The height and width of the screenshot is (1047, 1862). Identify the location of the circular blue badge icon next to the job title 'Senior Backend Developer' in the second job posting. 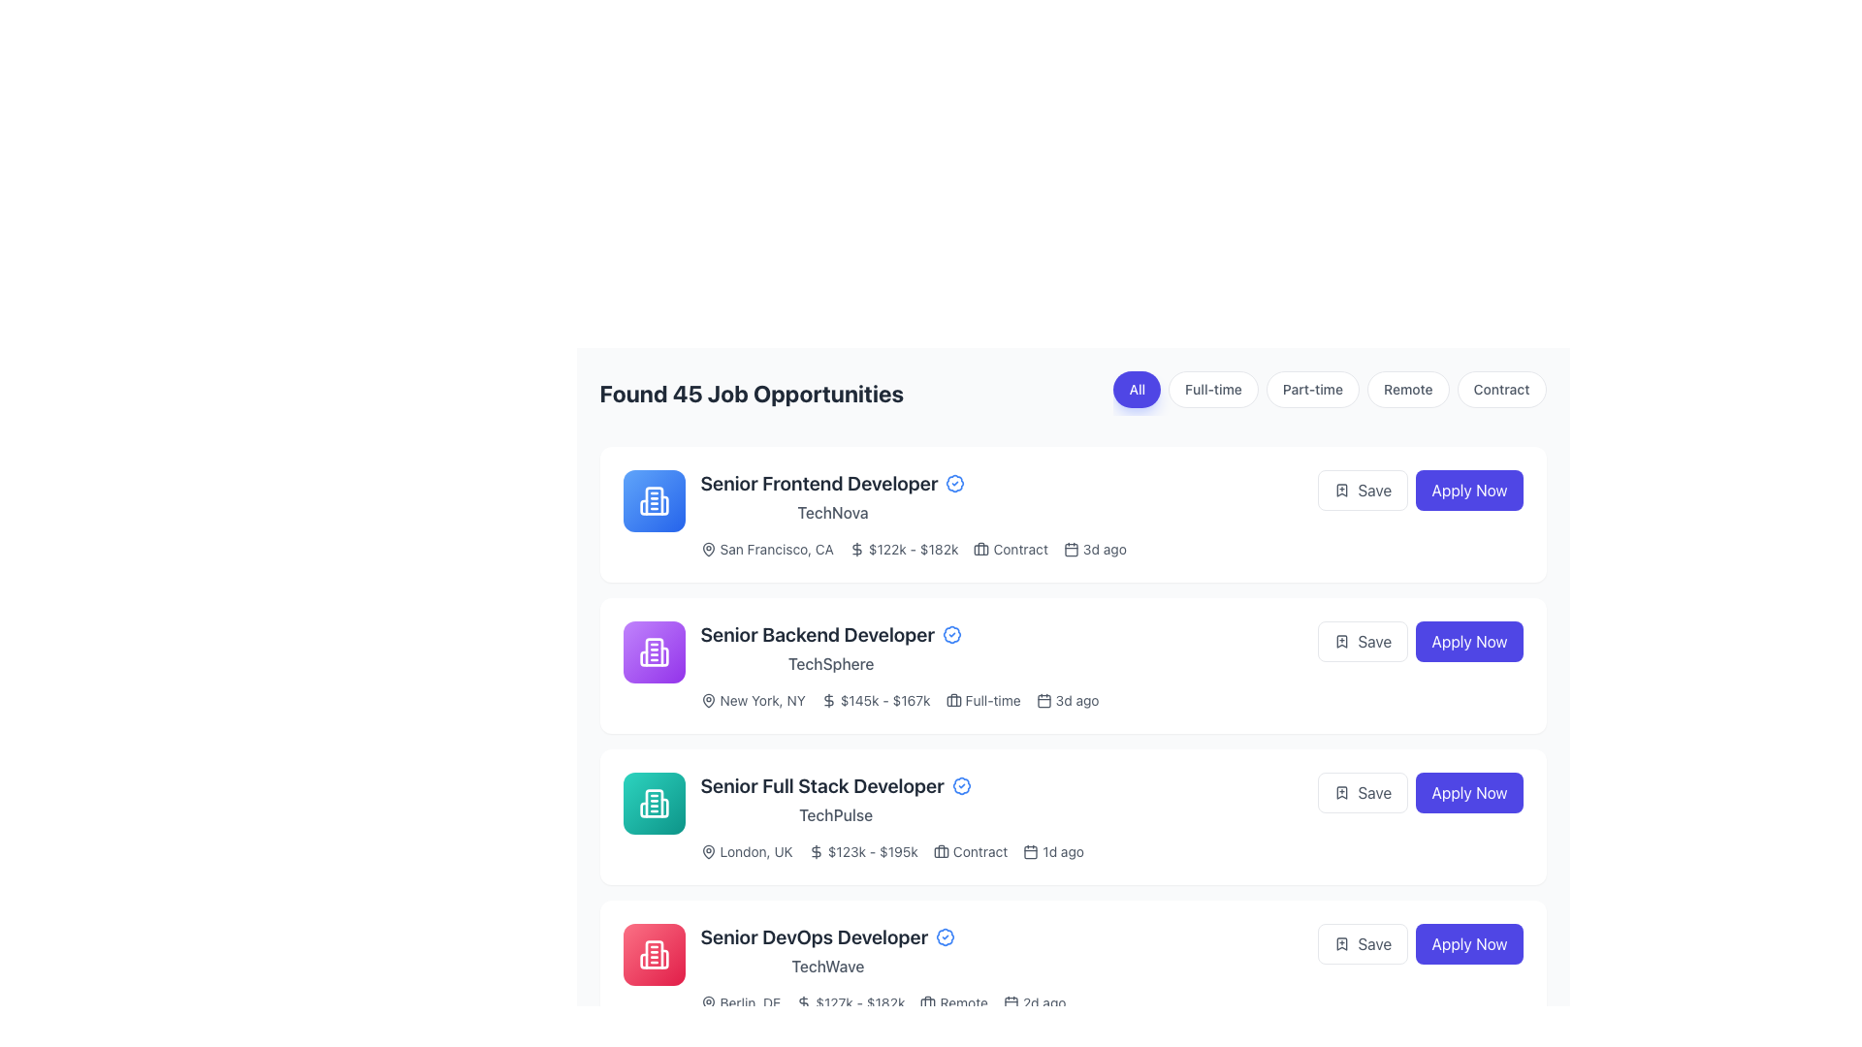
(951, 635).